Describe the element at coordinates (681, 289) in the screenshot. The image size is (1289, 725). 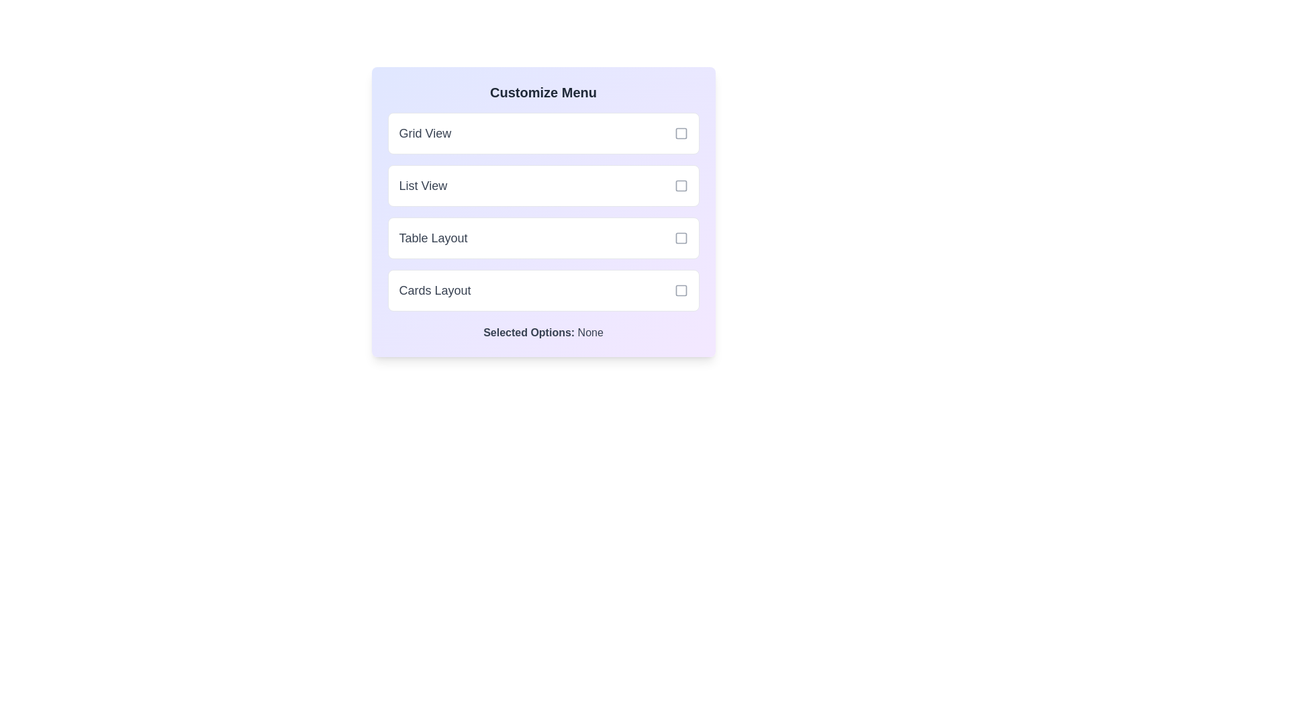
I see `the fourth icon` at that location.